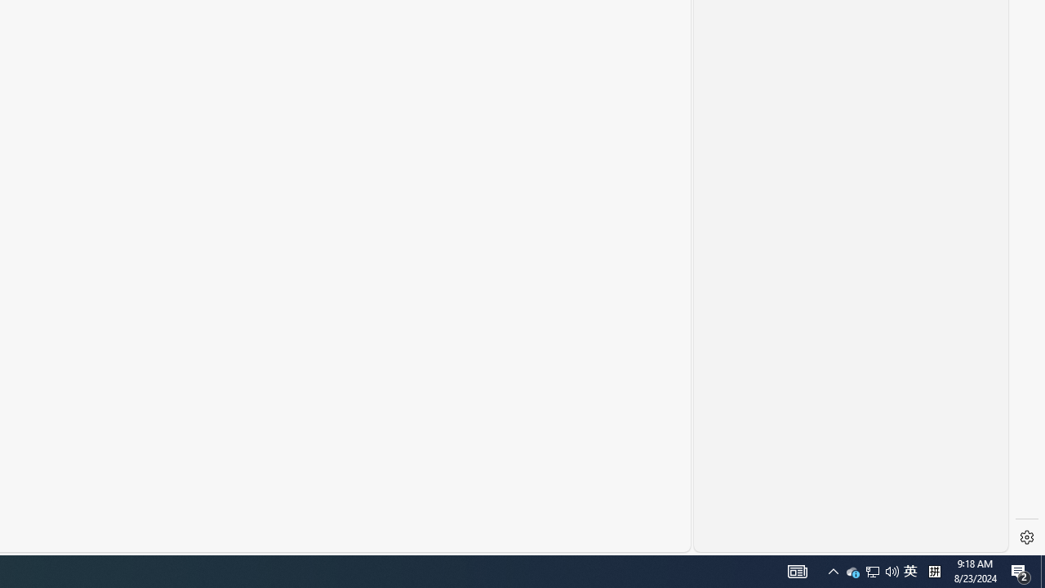 The width and height of the screenshot is (1045, 588). What do you see at coordinates (1021, 570) in the screenshot?
I see `'Action Center, 2 new notifications'` at bounding box center [1021, 570].